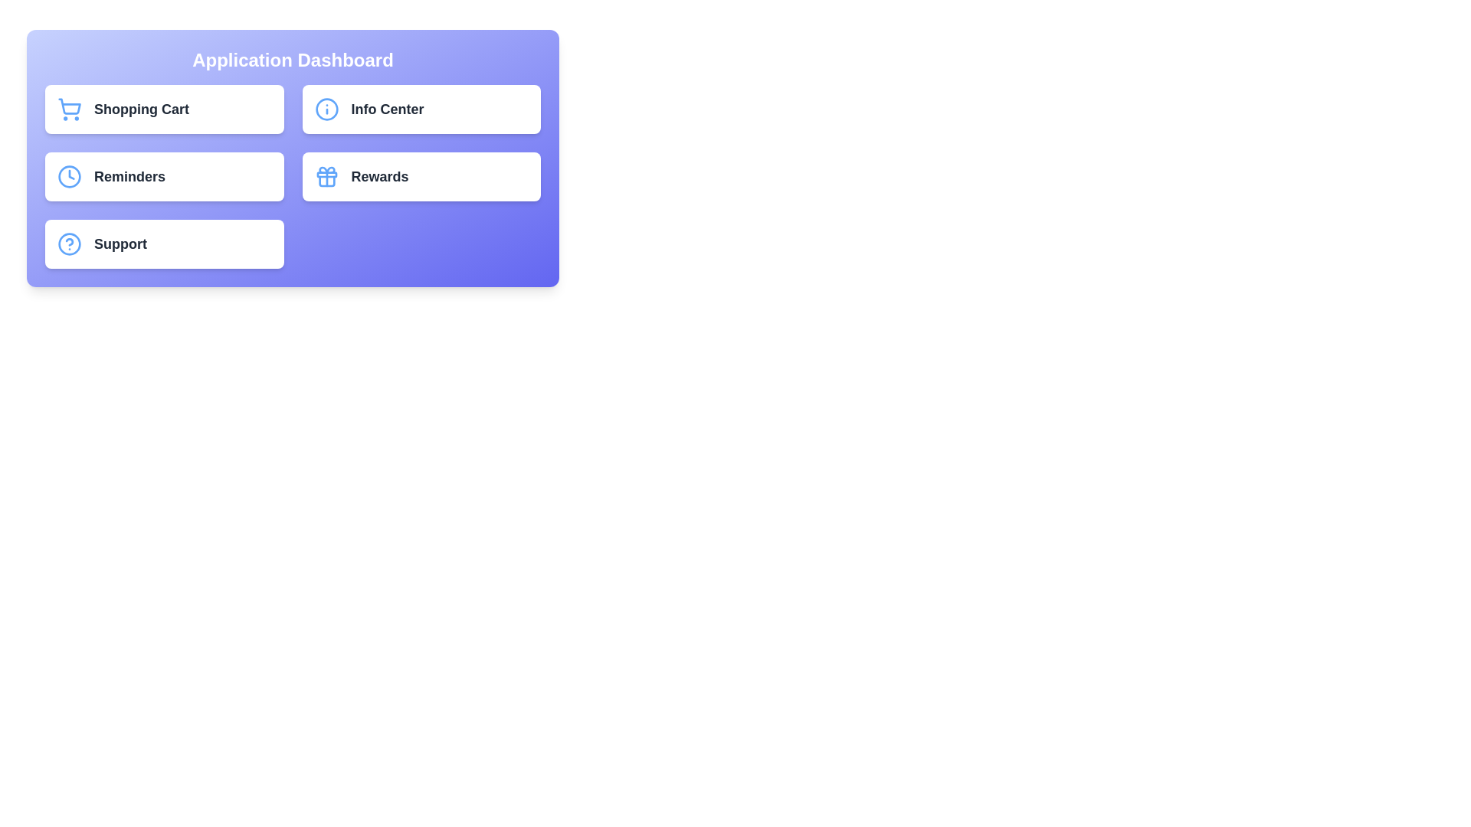 This screenshot has width=1471, height=827. What do you see at coordinates (421, 108) in the screenshot?
I see `the 'Info Center' card located in the top-right section of the grid layout` at bounding box center [421, 108].